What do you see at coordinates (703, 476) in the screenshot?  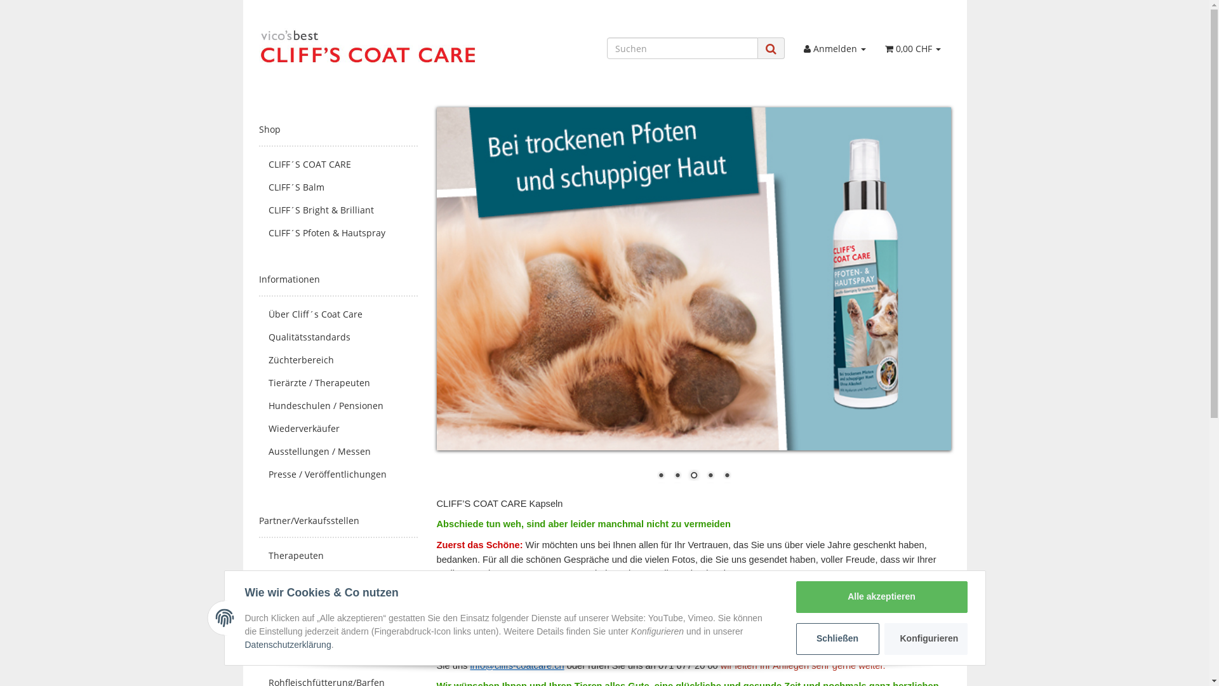 I see `'4'` at bounding box center [703, 476].